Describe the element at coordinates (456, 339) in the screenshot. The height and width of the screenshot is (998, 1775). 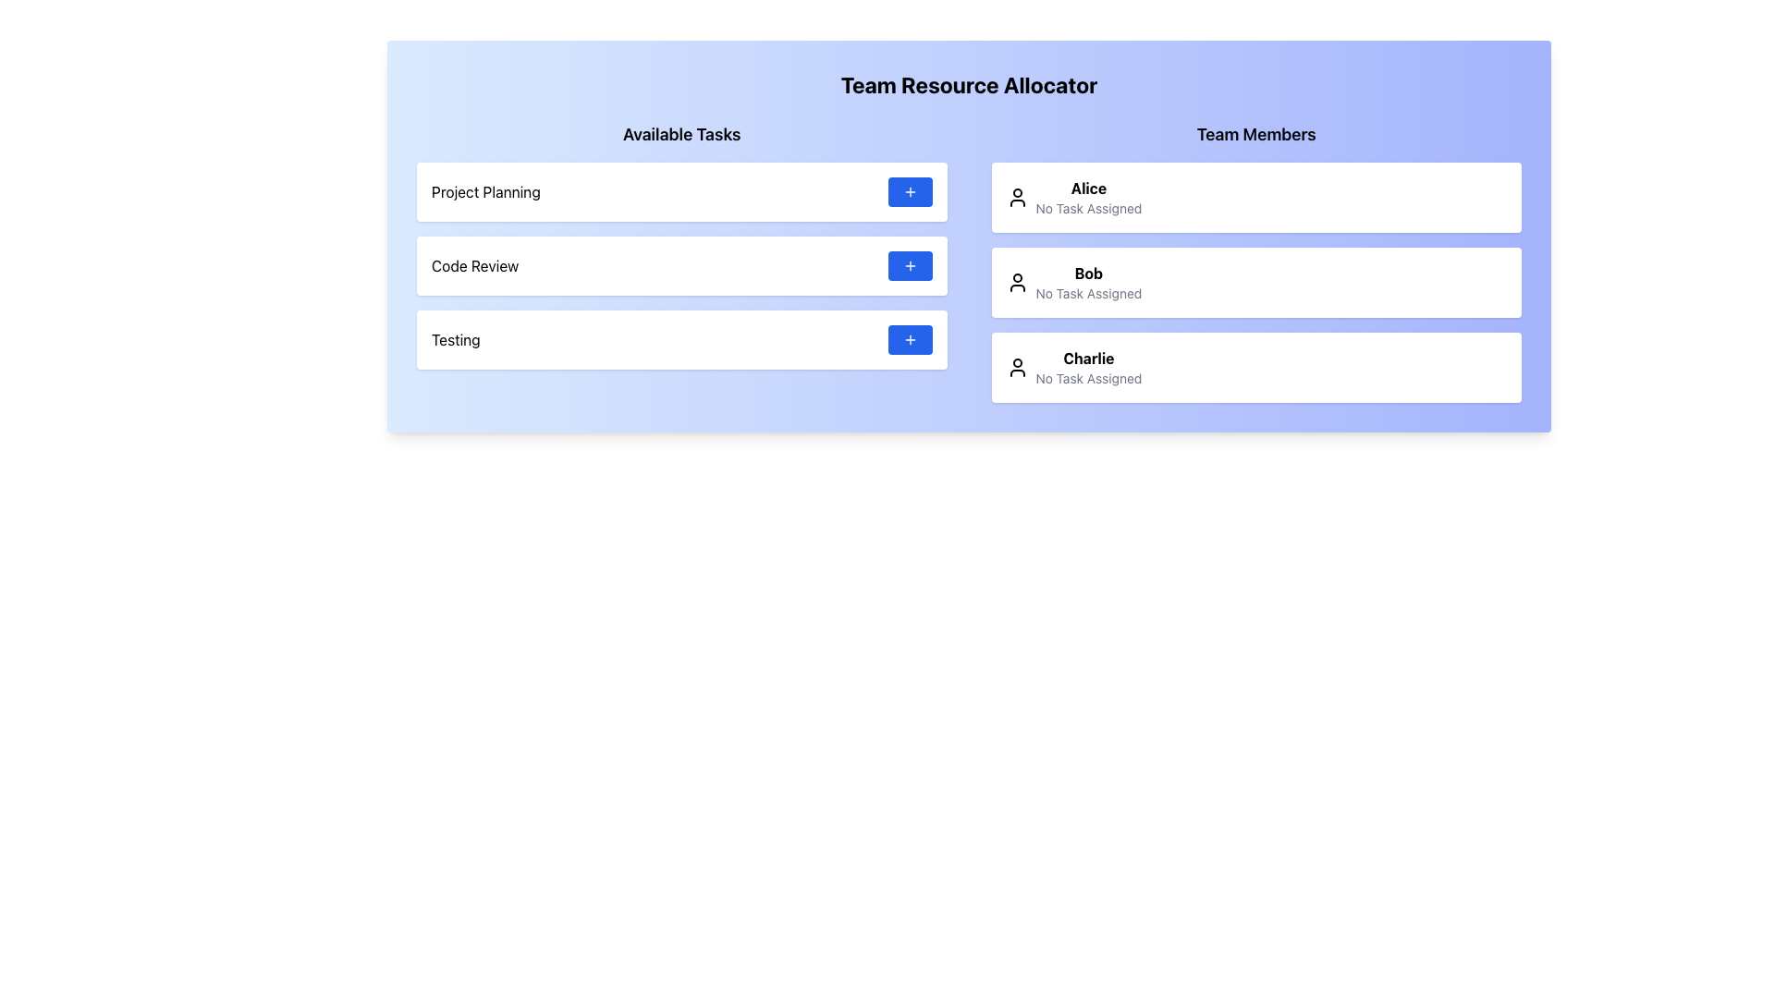
I see `text from the 'Testing' label in the third tab of the 'Available Tasks' list, which is a non-interactive display element` at that location.